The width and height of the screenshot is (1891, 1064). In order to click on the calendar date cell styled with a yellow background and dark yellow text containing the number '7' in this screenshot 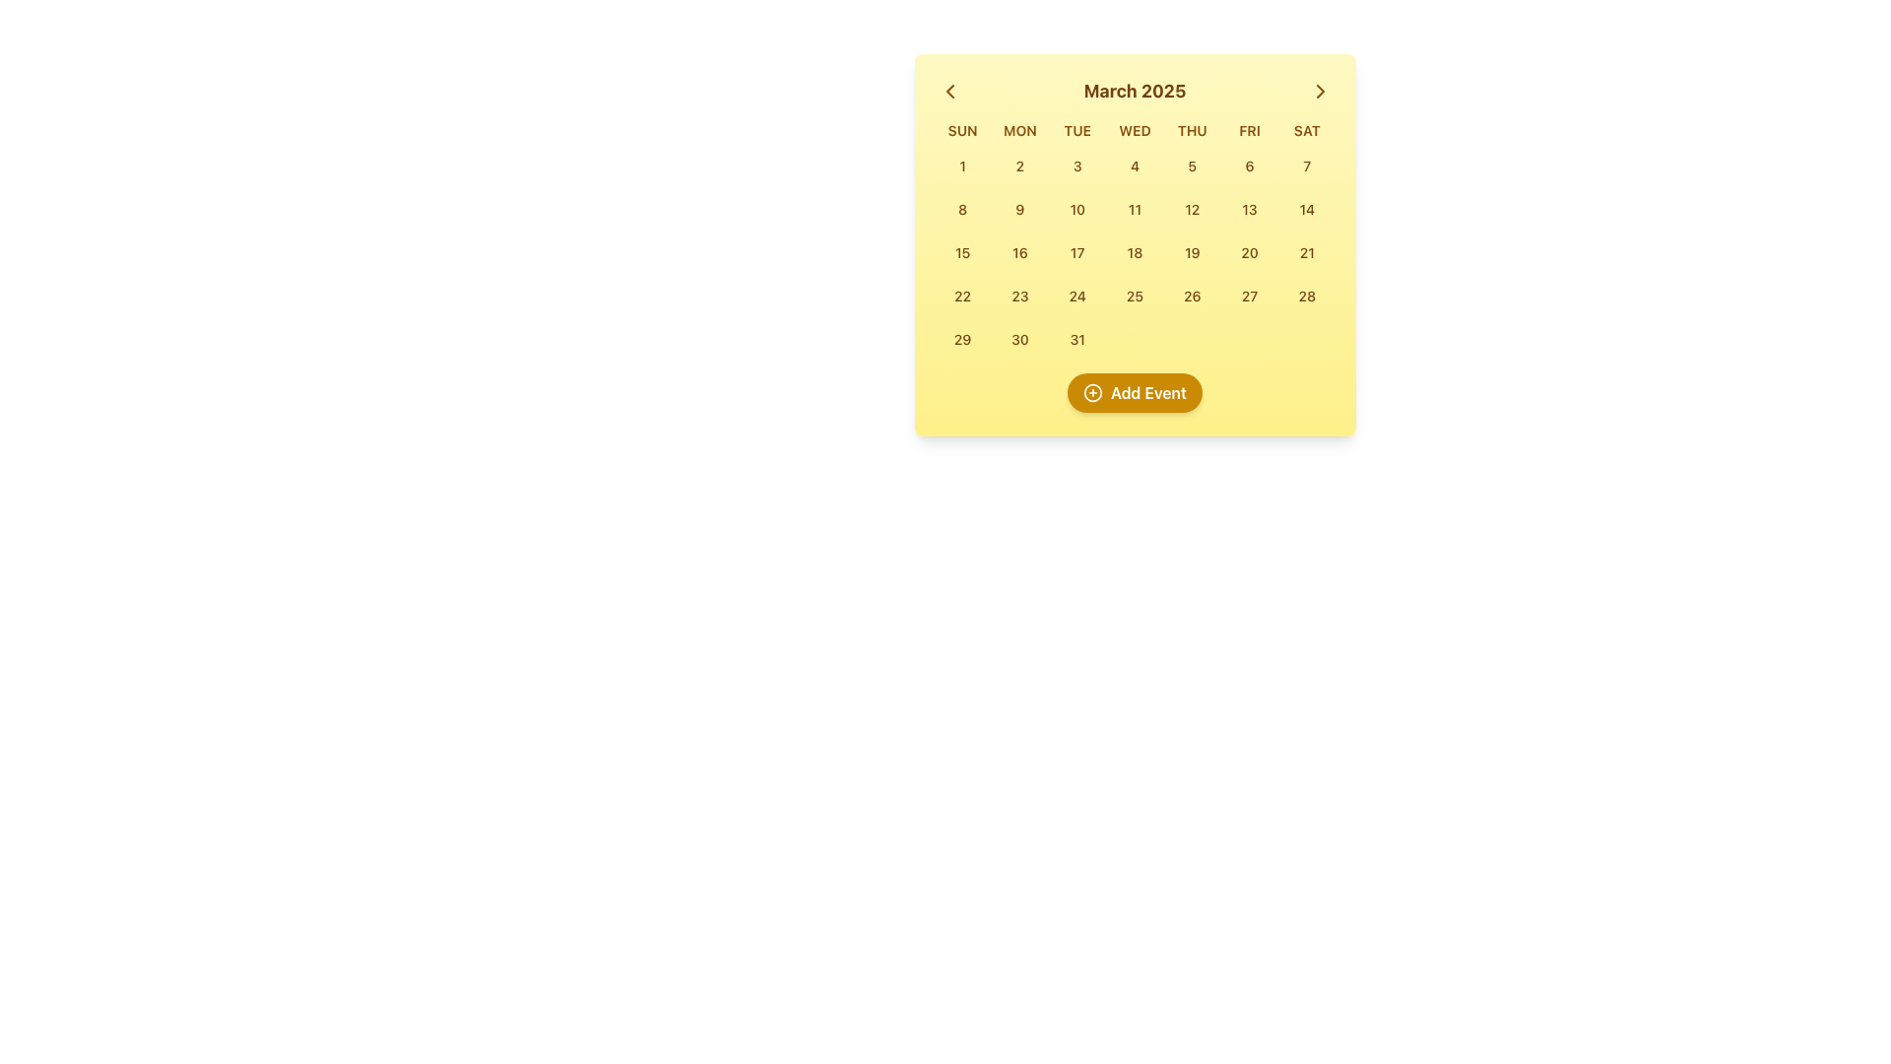, I will do `click(1307, 166)`.